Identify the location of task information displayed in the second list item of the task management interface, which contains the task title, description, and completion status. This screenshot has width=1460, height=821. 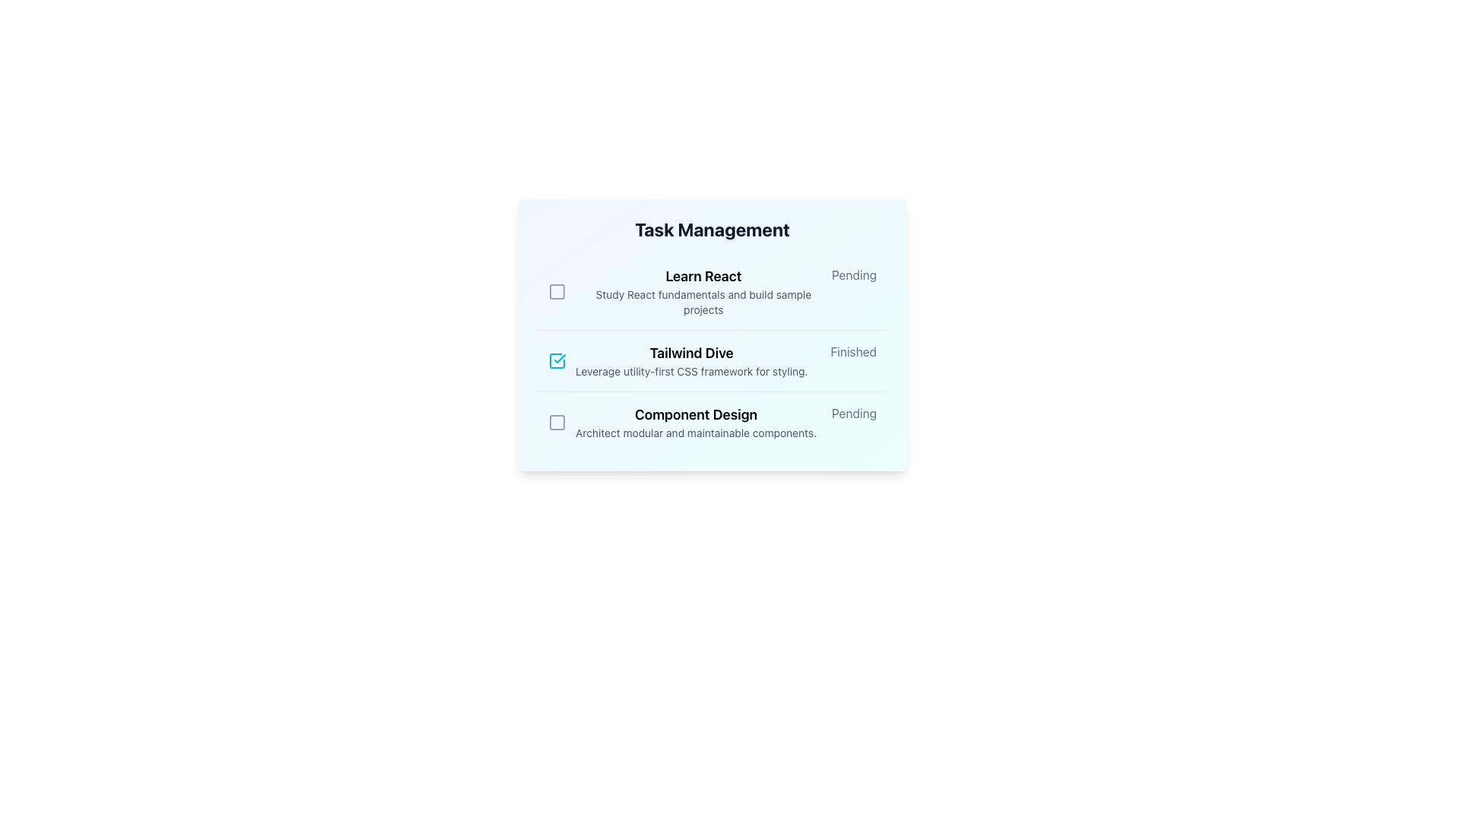
(711, 360).